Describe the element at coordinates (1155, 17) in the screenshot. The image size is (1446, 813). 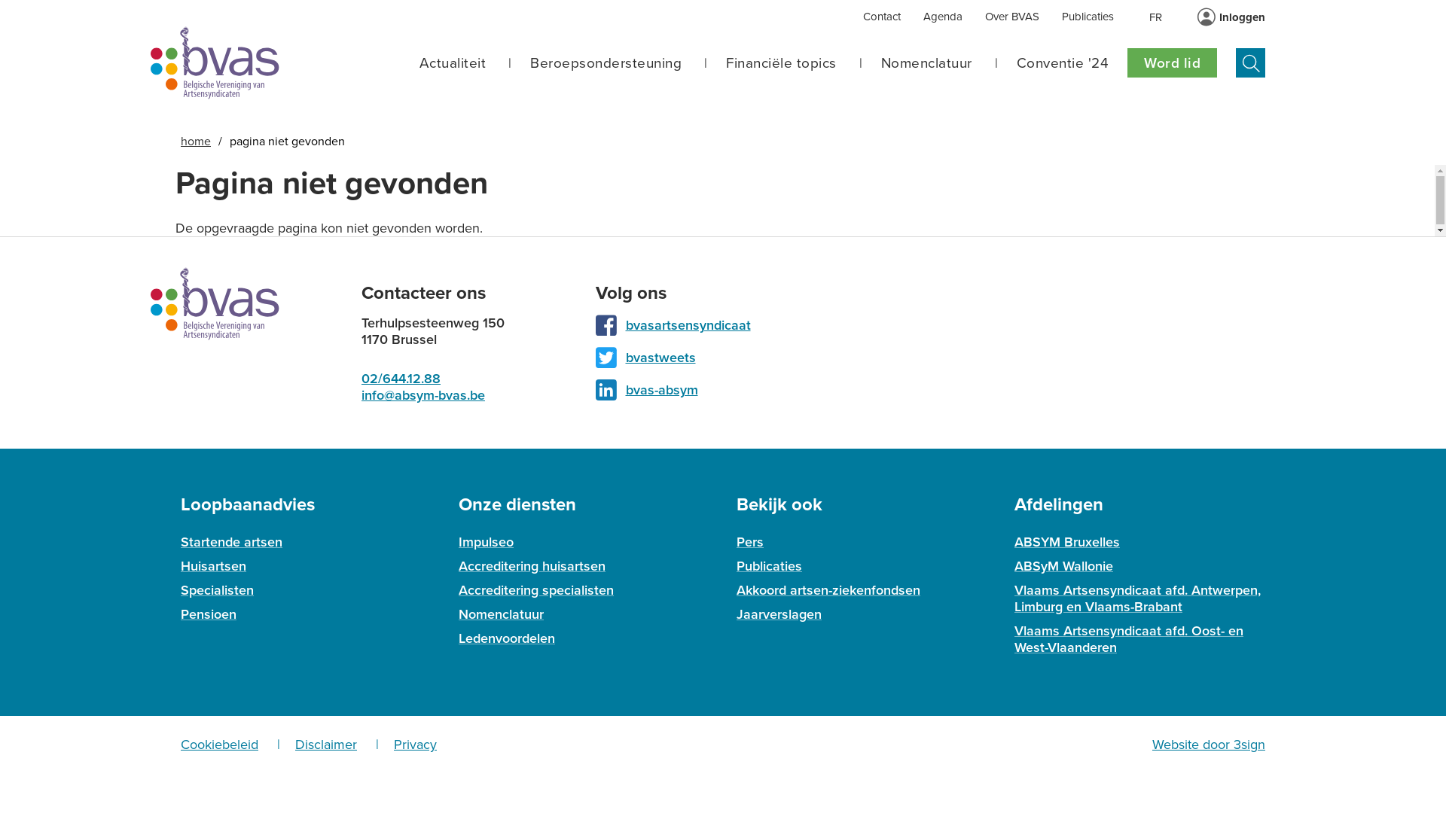
I see `'FR'` at that location.